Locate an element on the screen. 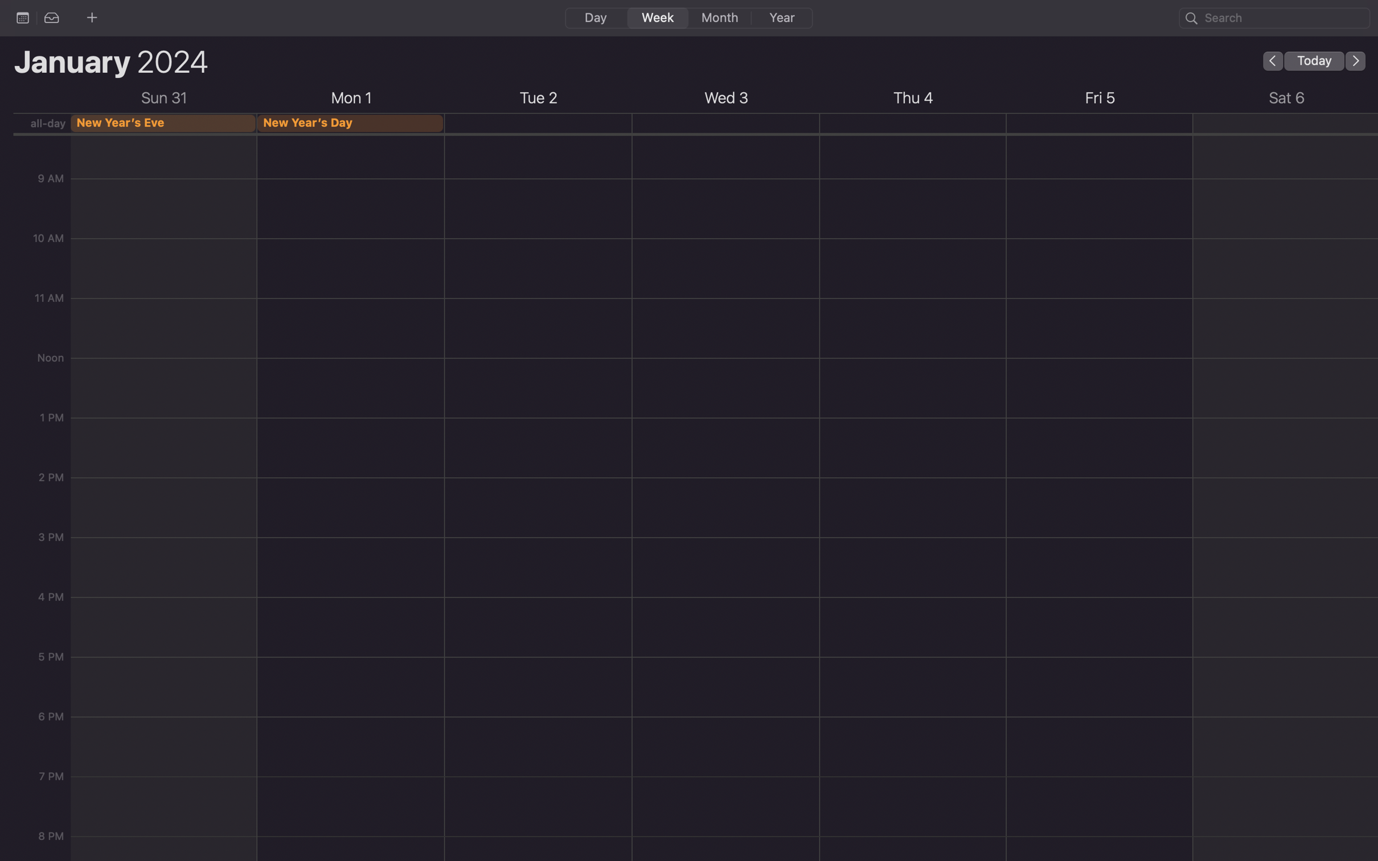 Image resolution: width=1378 pixels, height=861 pixels. up a meeting for Tuesday at 1 pm is located at coordinates (538, 556).